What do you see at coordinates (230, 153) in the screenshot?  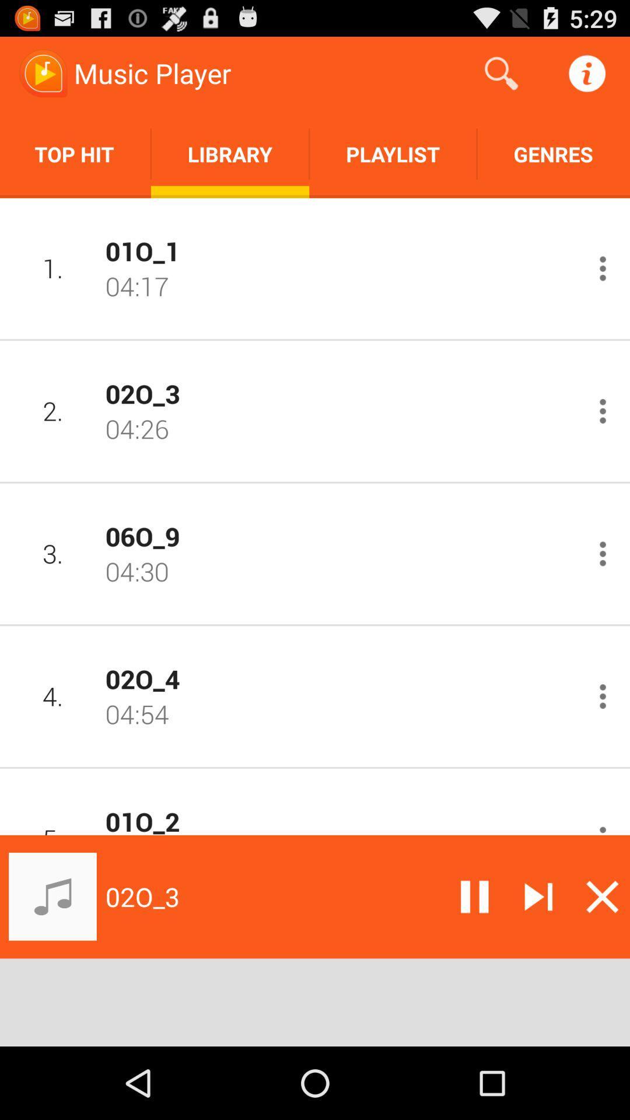 I see `item next to the top hit app` at bounding box center [230, 153].